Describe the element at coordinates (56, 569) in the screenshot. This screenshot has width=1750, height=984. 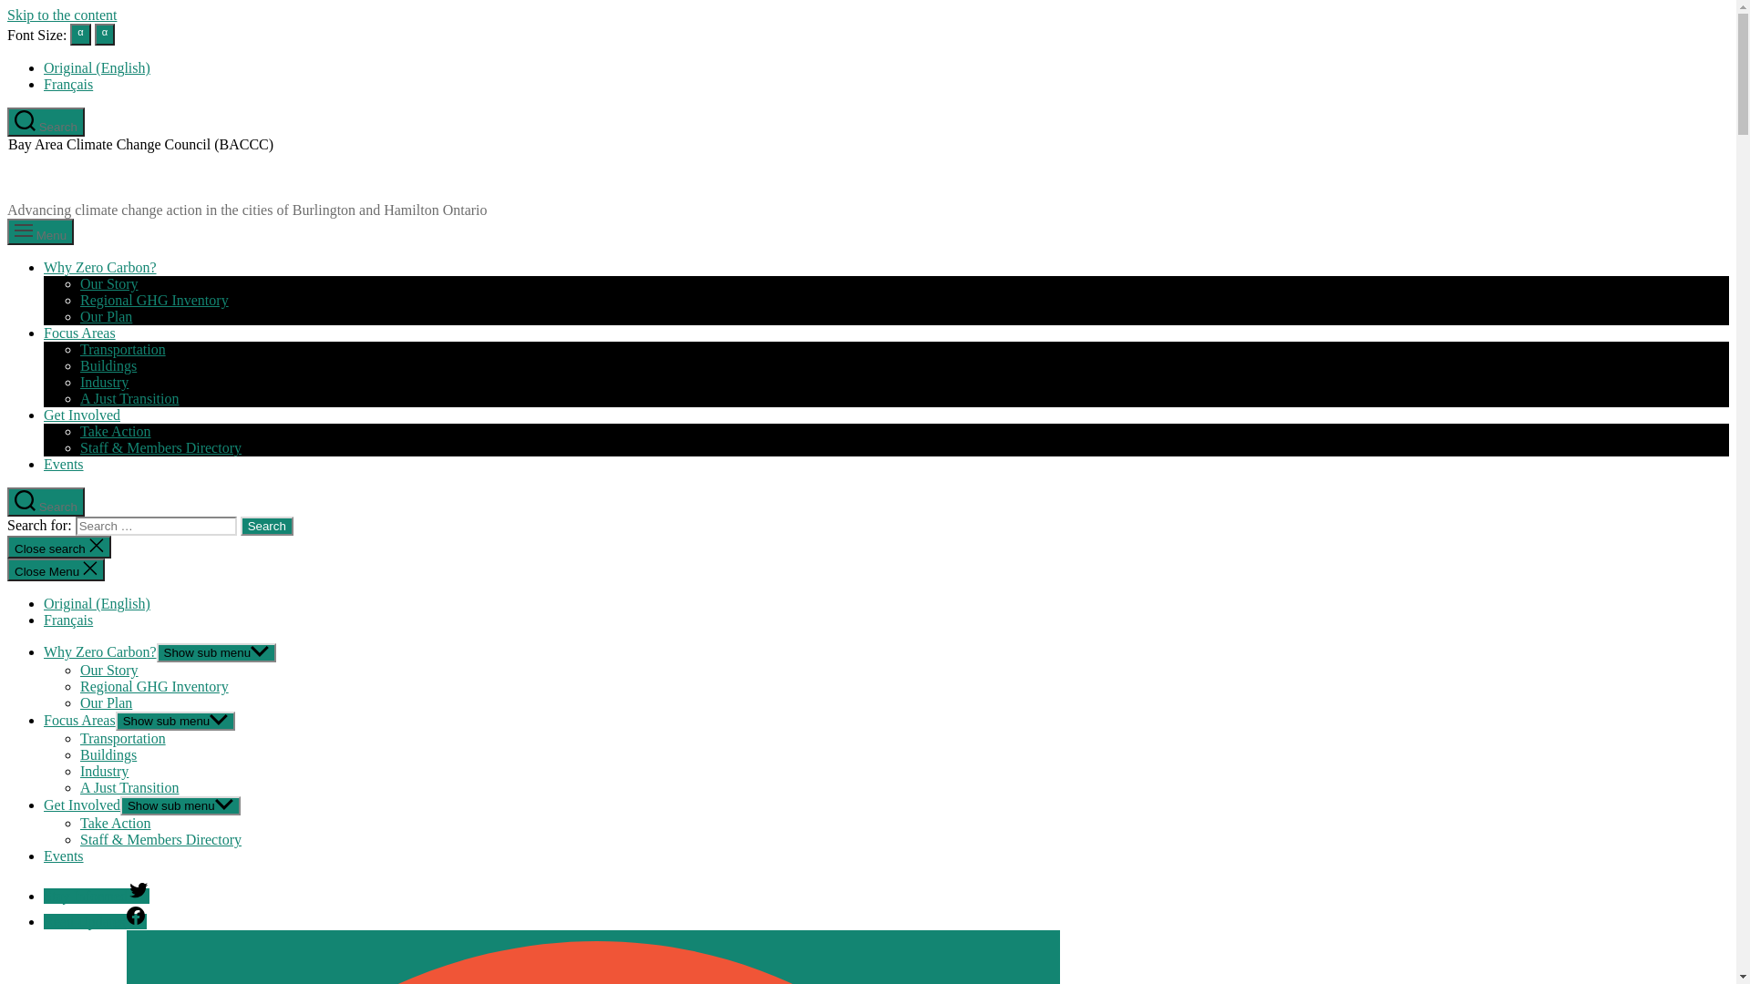
I see `'Close Menu'` at that location.